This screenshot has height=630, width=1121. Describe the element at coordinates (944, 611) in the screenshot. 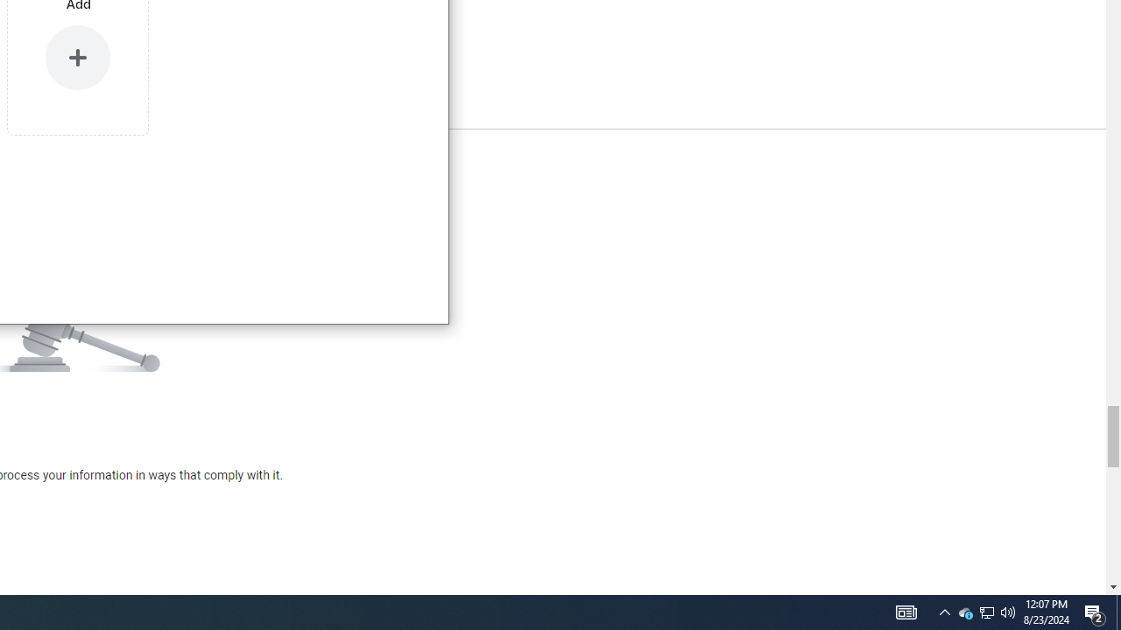

I see `'Notification Chevron'` at that location.